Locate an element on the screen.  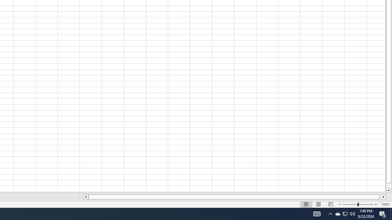
'Column left' is located at coordinates (85, 197).